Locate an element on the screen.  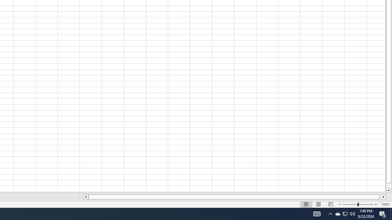
'Column left' is located at coordinates (85, 197).